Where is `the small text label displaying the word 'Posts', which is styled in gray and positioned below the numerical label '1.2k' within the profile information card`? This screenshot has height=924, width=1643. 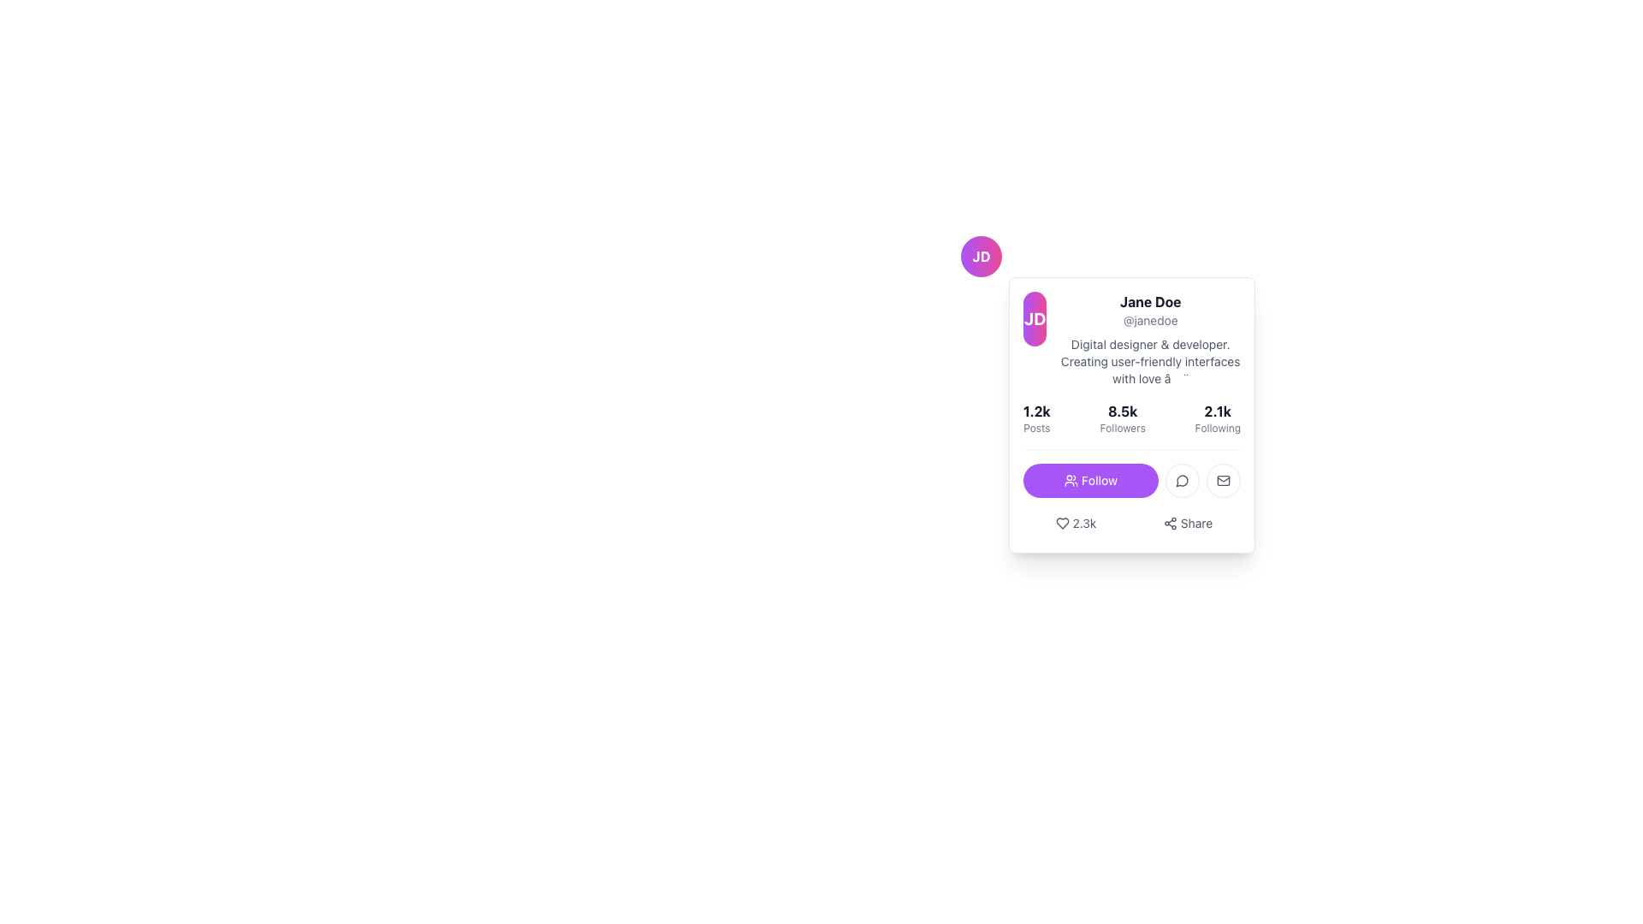
the small text label displaying the word 'Posts', which is styled in gray and positioned below the numerical label '1.2k' within the profile information card is located at coordinates (1035, 428).